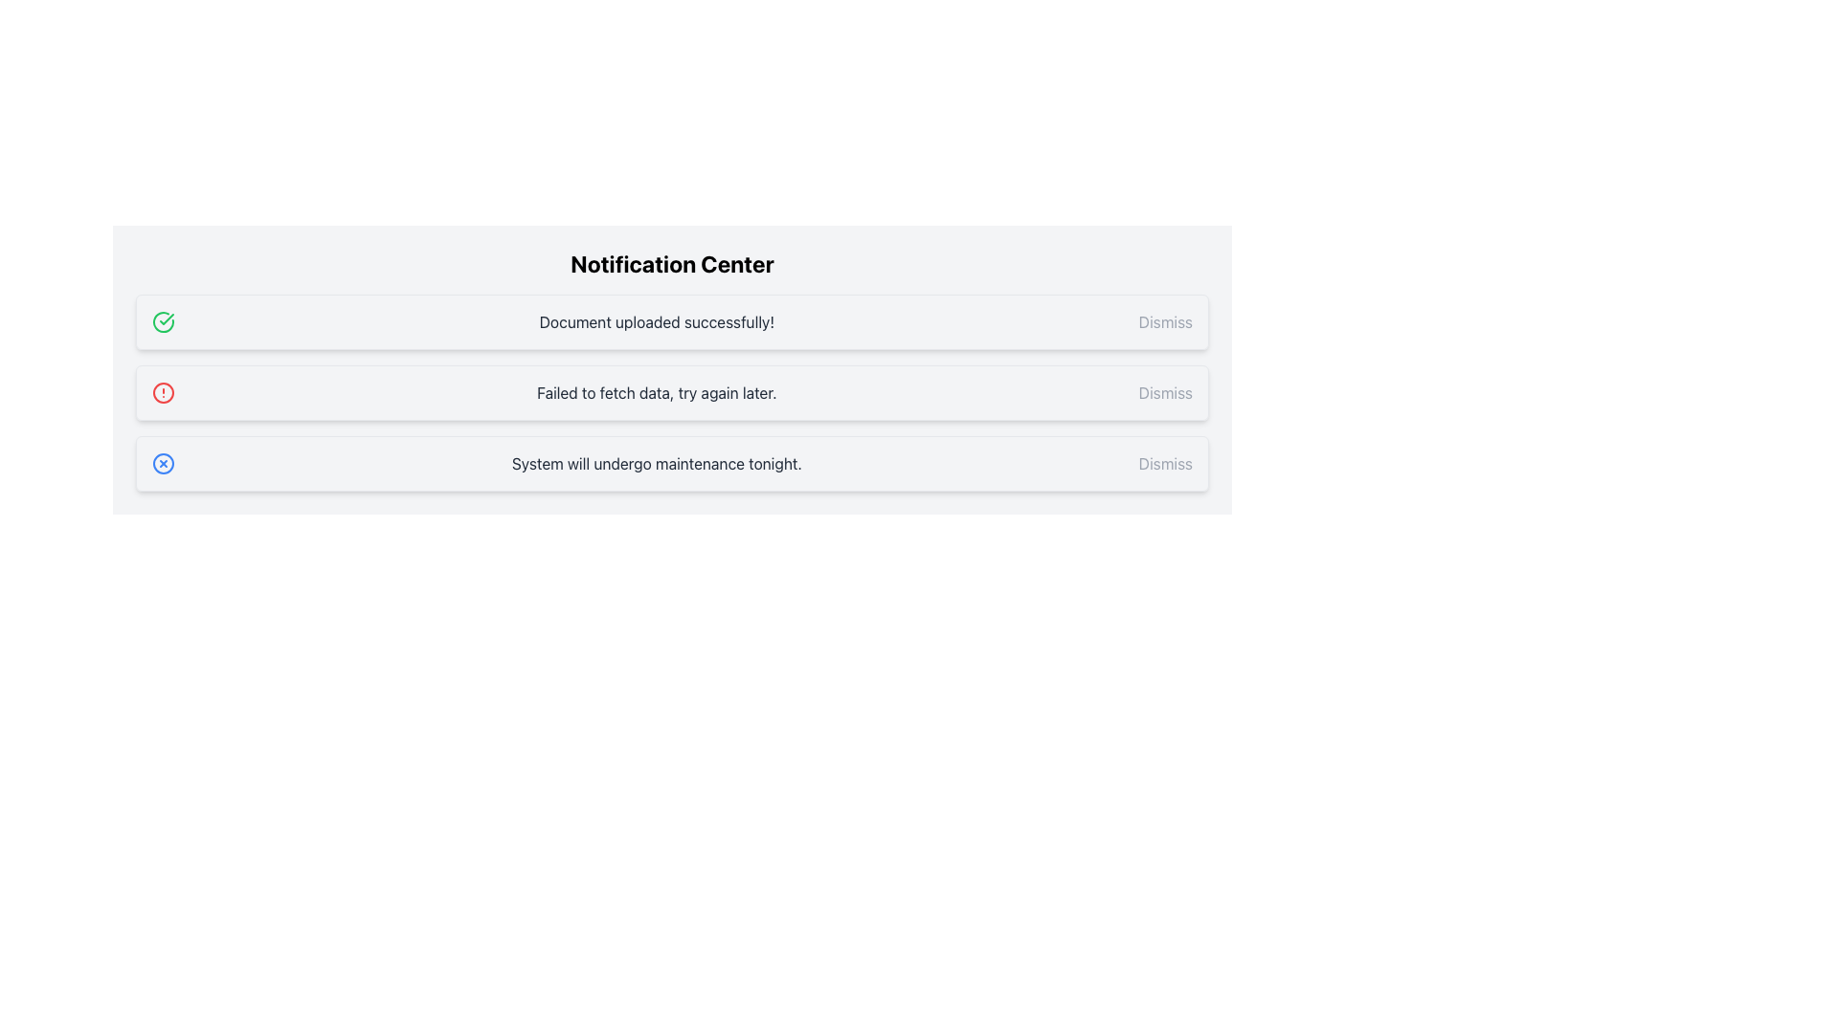  I want to click on the Text Label that communicates a specific notification about system maintenance, located between a blue icon on the left and a 'Dismiss' button on the right in the Notification Center, so click(657, 464).